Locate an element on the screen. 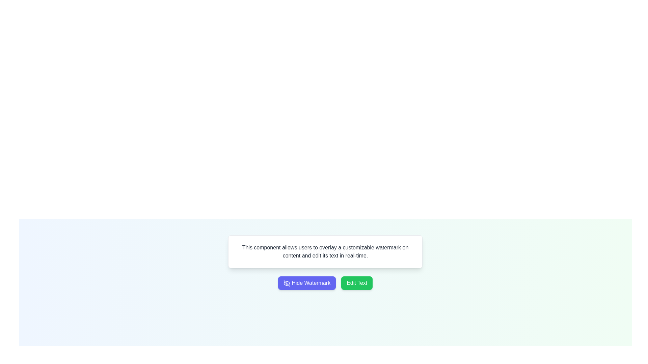 This screenshot has width=648, height=364. the SVG icon representing the 'Hide Watermark' button, which is visually indicative of the action to toggle off or hide watermarks is located at coordinates (287, 283).